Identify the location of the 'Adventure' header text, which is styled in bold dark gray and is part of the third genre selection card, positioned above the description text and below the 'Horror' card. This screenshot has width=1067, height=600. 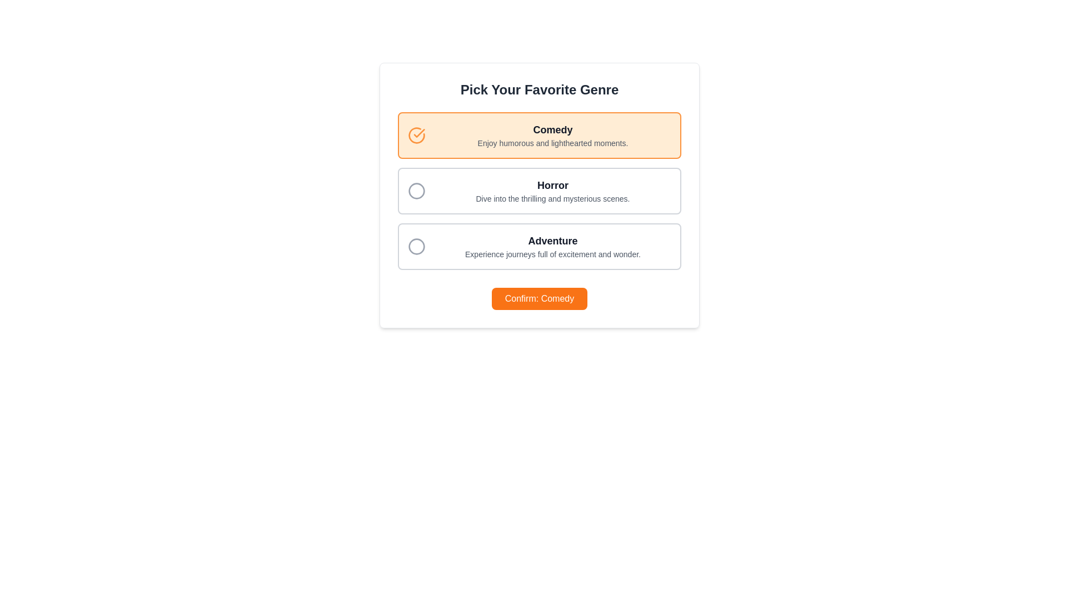
(552, 241).